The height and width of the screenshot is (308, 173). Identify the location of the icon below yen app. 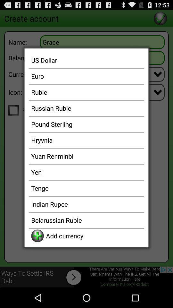
(86, 188).